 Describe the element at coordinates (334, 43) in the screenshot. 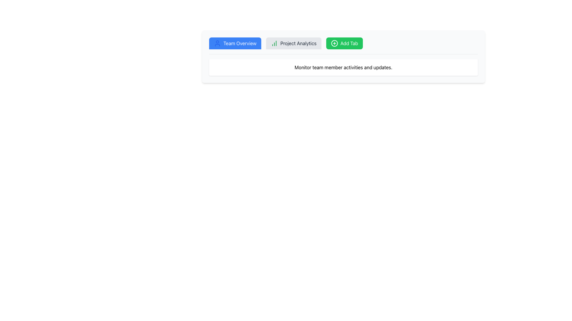

I see `the 'Add Tab' icon, which is visually represented inside a green button, located to the left of the 'Add Tab' button` at that location.